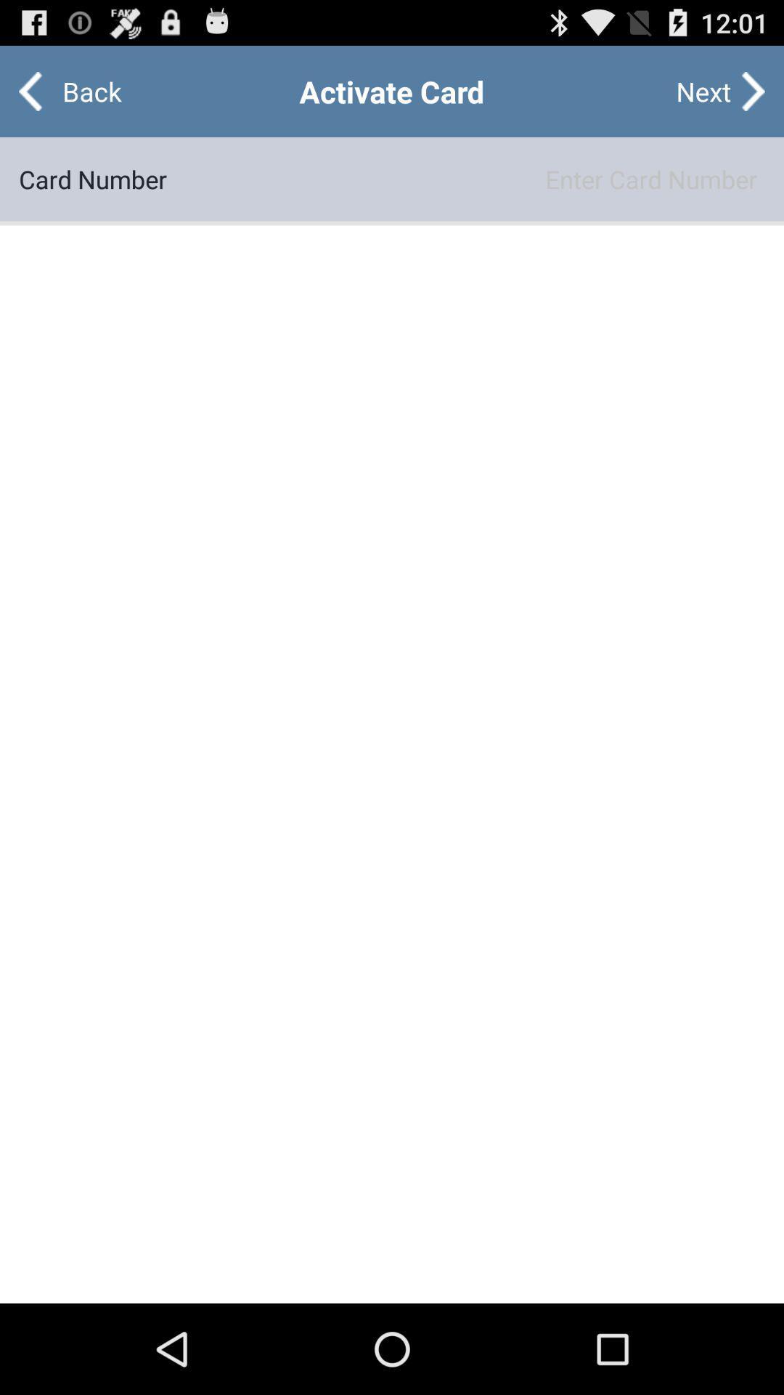  What do you see at coordinates (465, 178) in the screenshot?
I see `card number` at bounding box center [465, 178].